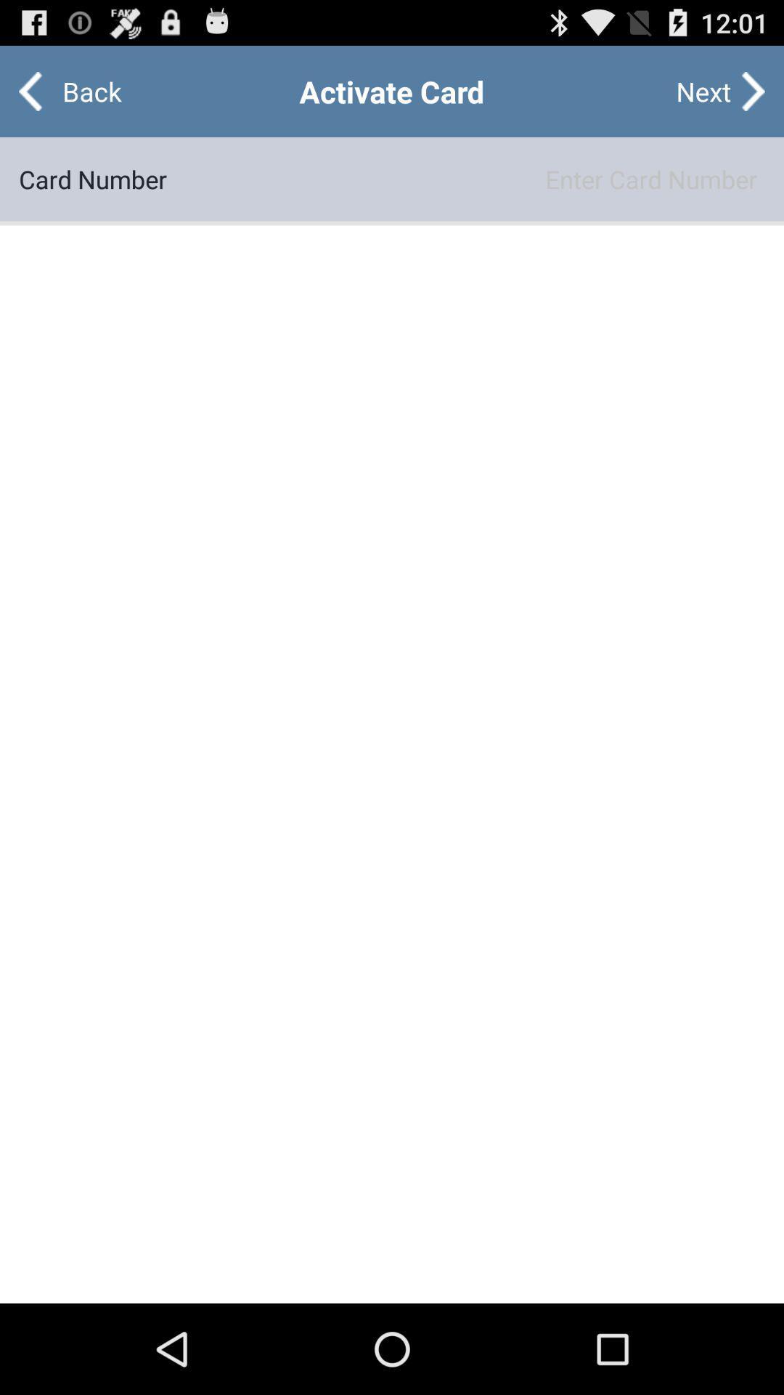  What do you see at coordinates (465, 178) in the screenshot?
I see `card number` at bounding box center [465, 178].